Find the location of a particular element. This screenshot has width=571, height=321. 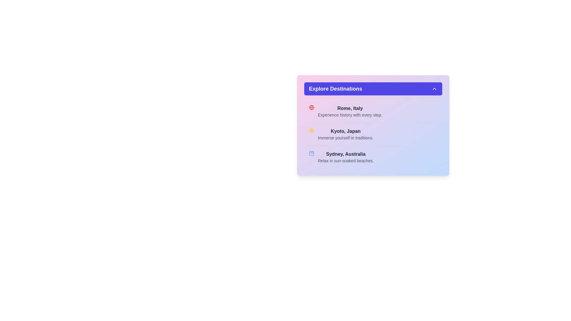

the upward-pointing chevron icon, which is styled in white and located within the blue 'Explore Destinations' button is located at coordinates (434, 89).